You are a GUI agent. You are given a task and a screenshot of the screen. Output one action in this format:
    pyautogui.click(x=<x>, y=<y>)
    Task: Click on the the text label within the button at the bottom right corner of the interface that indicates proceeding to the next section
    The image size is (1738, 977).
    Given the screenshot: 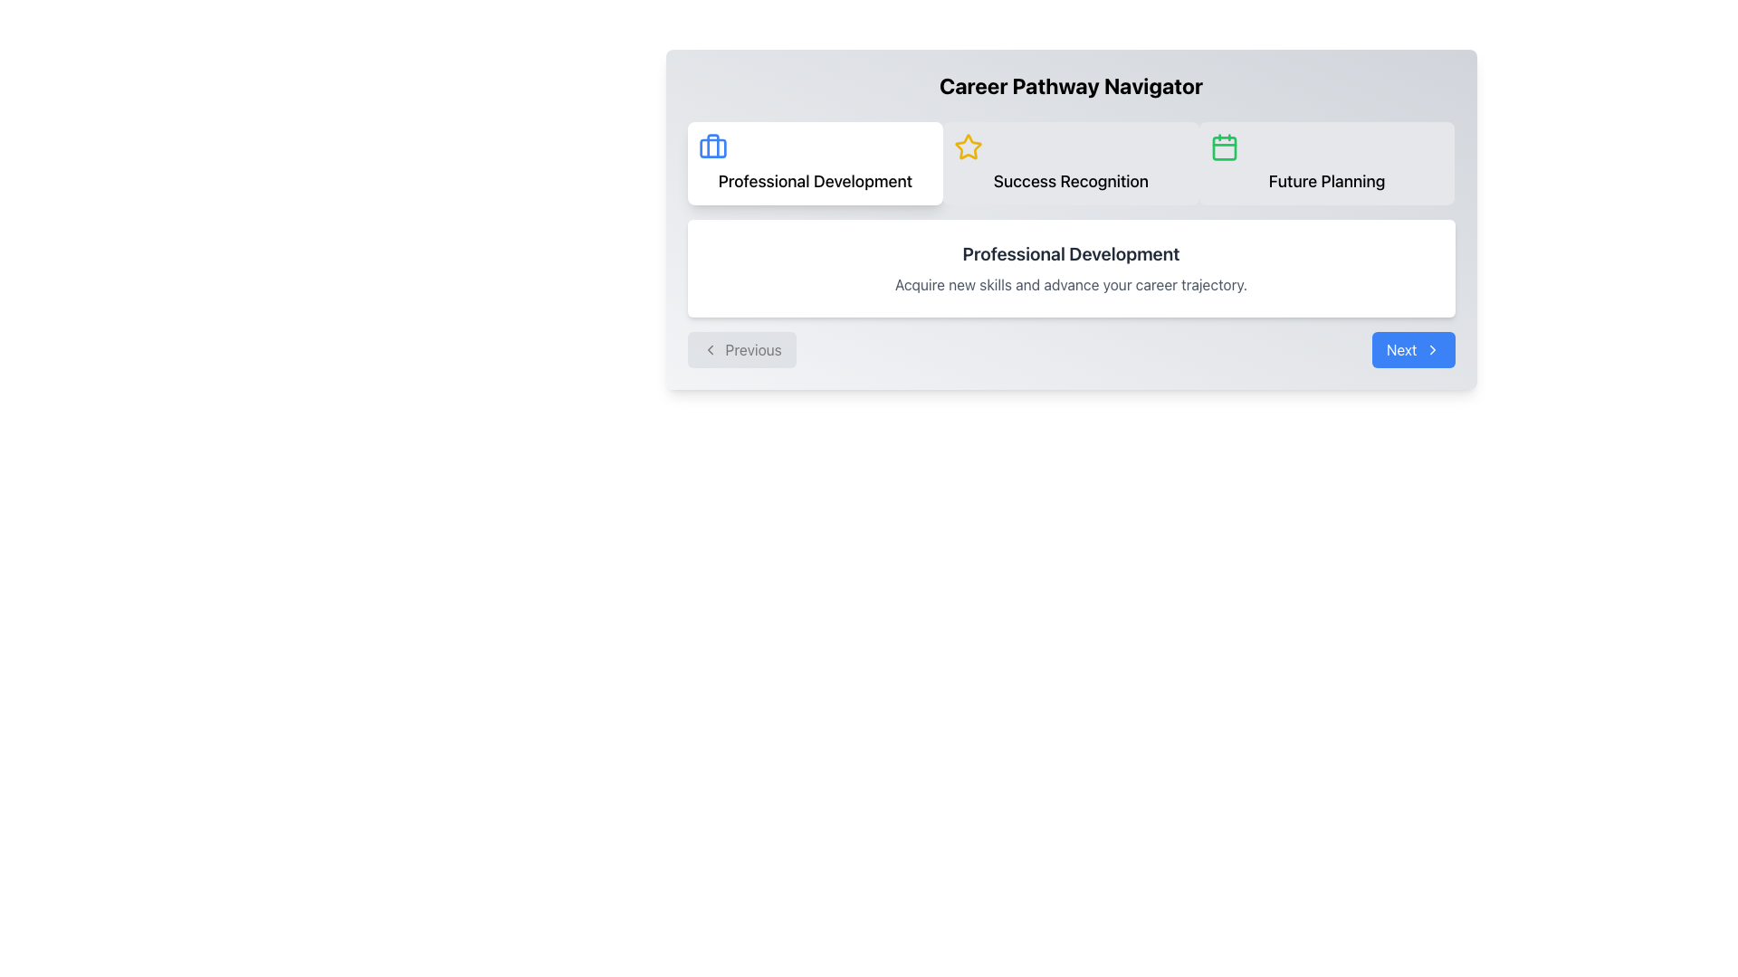 What is the action you would take?
    pyautogui.click(x=1400, y=349)
    